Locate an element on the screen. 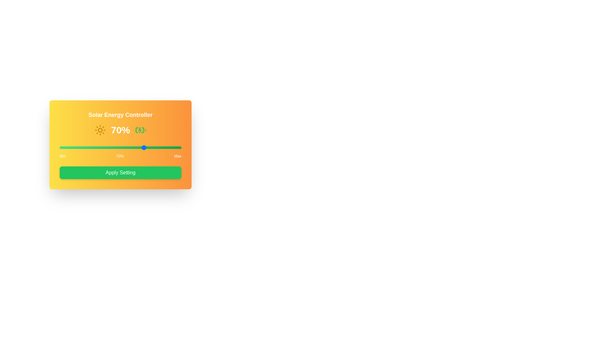 The image size is (609, 343). the 'Apply Setting' button to apply the current solar energy settings is located at coordinates (120, 172).